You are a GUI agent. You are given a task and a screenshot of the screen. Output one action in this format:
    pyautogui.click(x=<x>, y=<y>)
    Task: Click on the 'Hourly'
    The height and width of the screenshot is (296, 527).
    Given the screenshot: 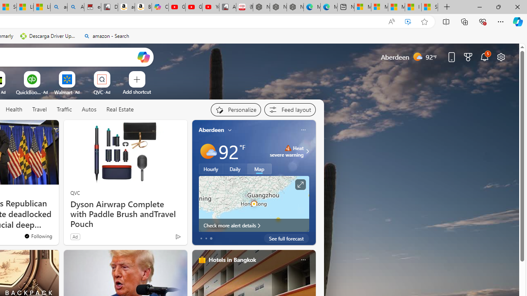 What is the action you would take?
    pyautogui.click(x=211, y=169)
    